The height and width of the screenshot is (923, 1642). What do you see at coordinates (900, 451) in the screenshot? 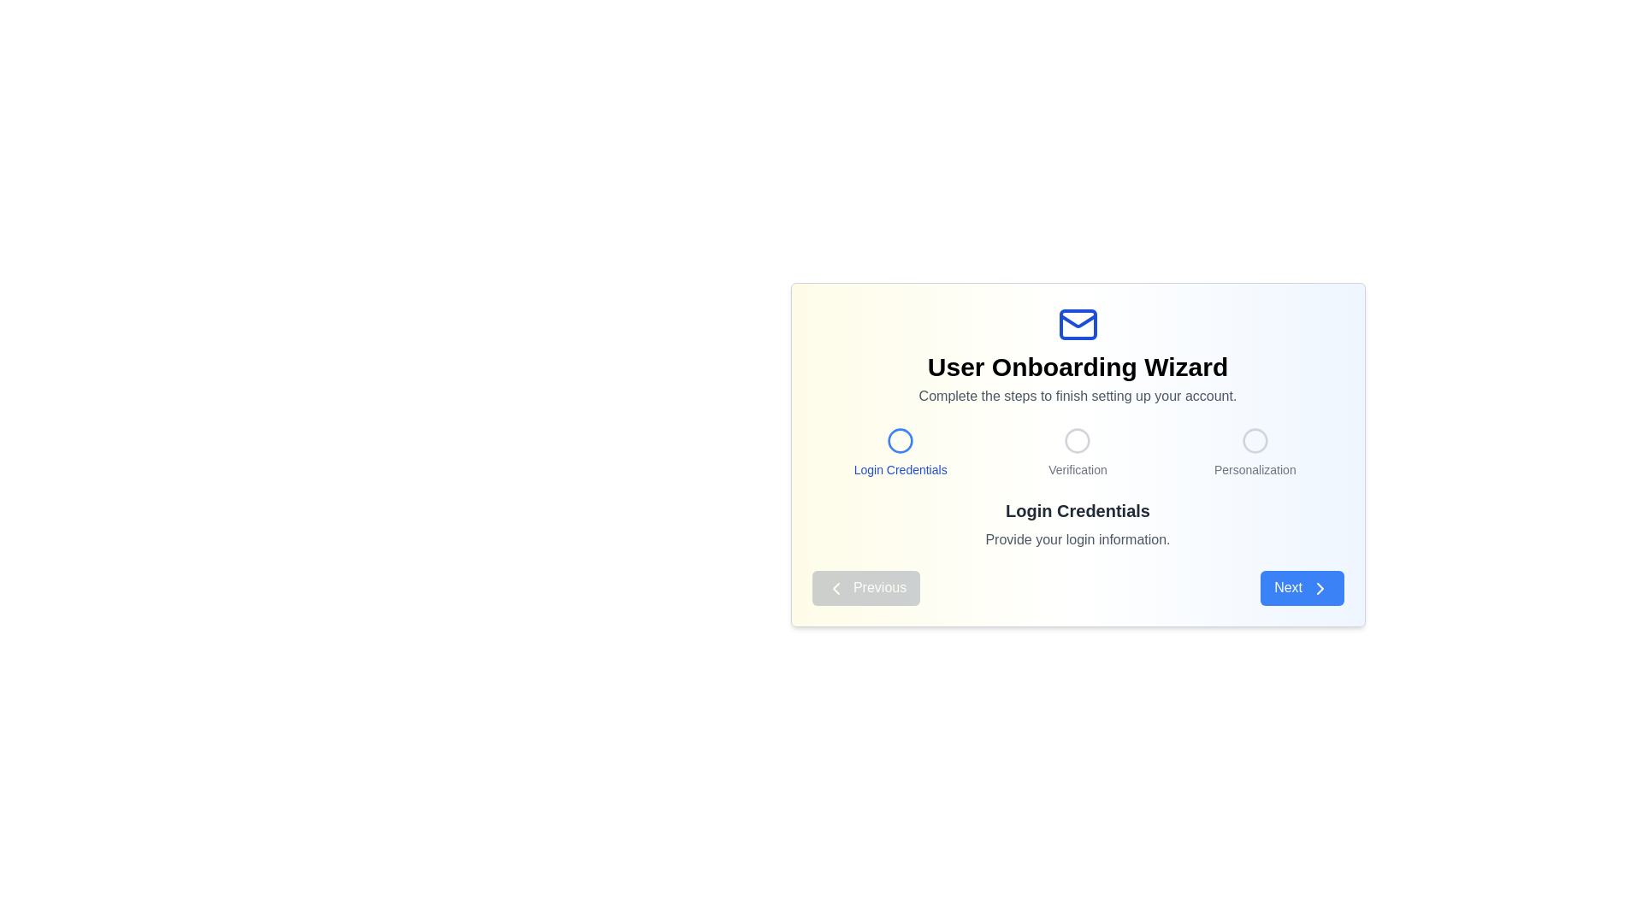
I see `label of the blue circular icon with the bold text label 'Login Credentials', which is the leftmost step in the wizard sequence` at bounding box center [900, 451].